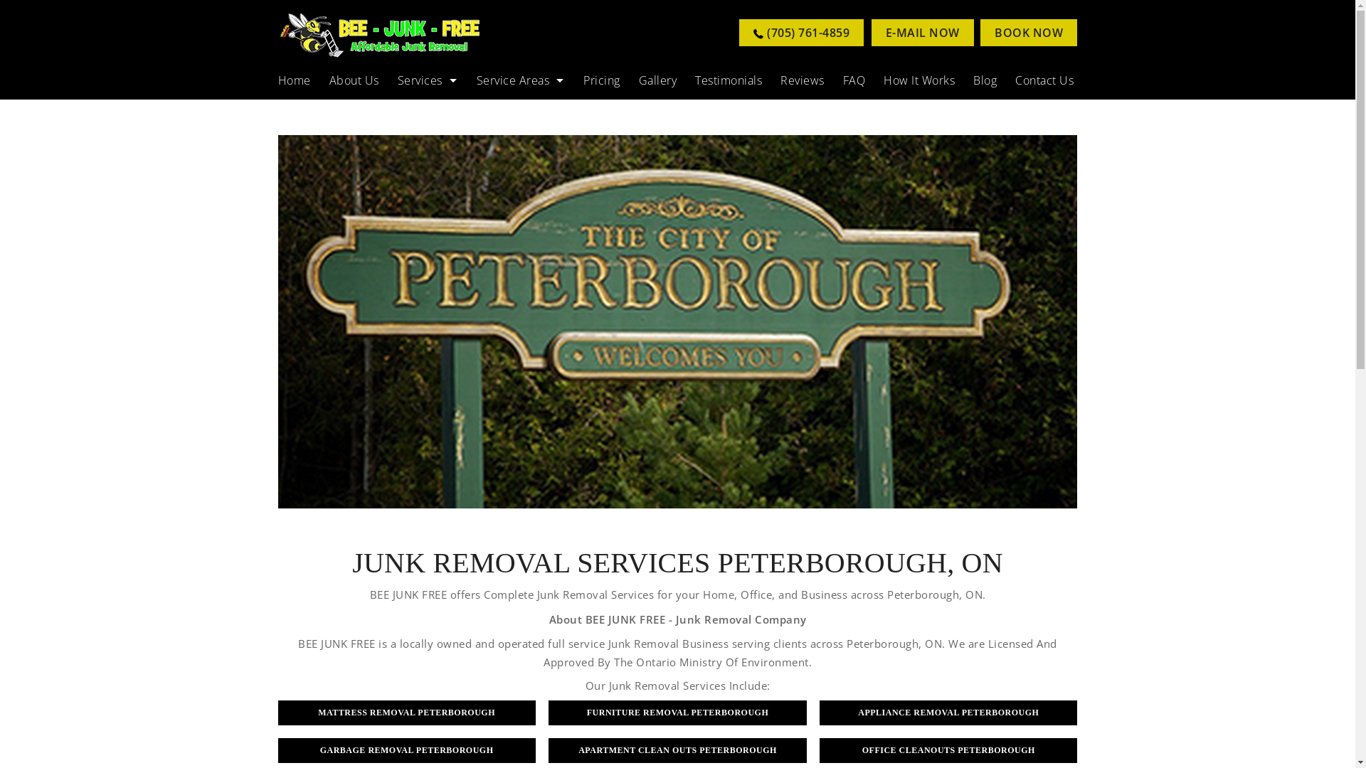  Describe the element at coordinates (406, 712) in the screenshot. I see `'MATTRESS REMOVAL PETERBOROUGH'` at that location.